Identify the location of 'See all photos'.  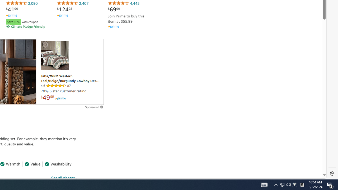
(64, 178).